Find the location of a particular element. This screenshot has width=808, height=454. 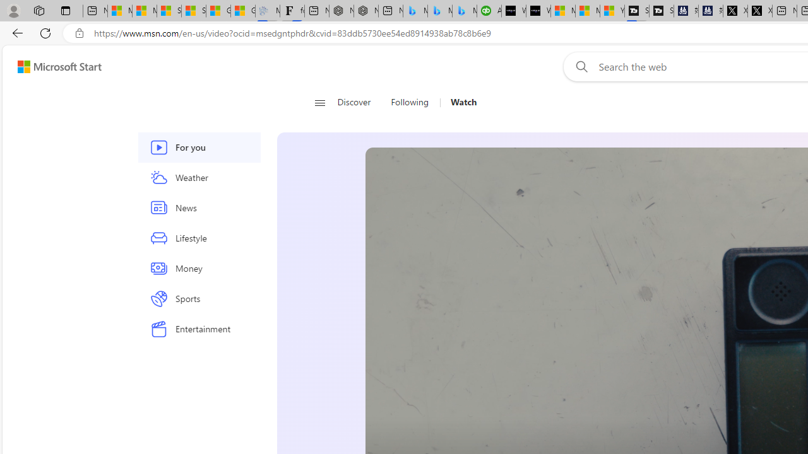

'Accounting Software for Accountants, CPAs and Bookkeepers' is located at coordinates (489, 11).